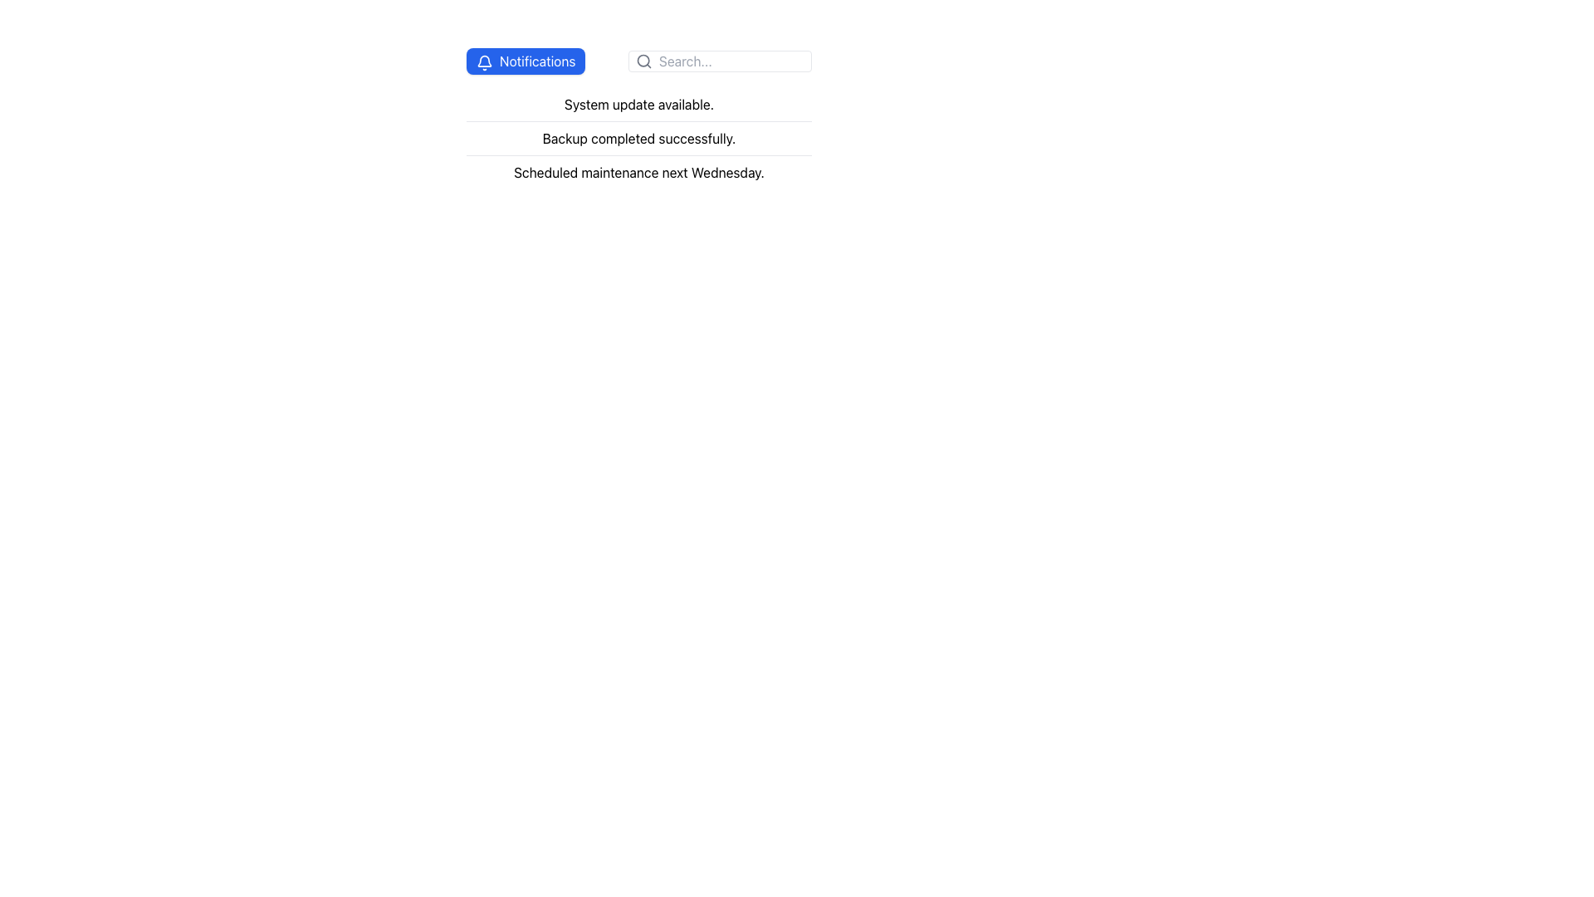  Describe the element at coordinates (643, 60) in the screenshot. I see `the magnifying glass icon located to the left of the 'Search...' text input field in the top-middle section of the interface` at that location.